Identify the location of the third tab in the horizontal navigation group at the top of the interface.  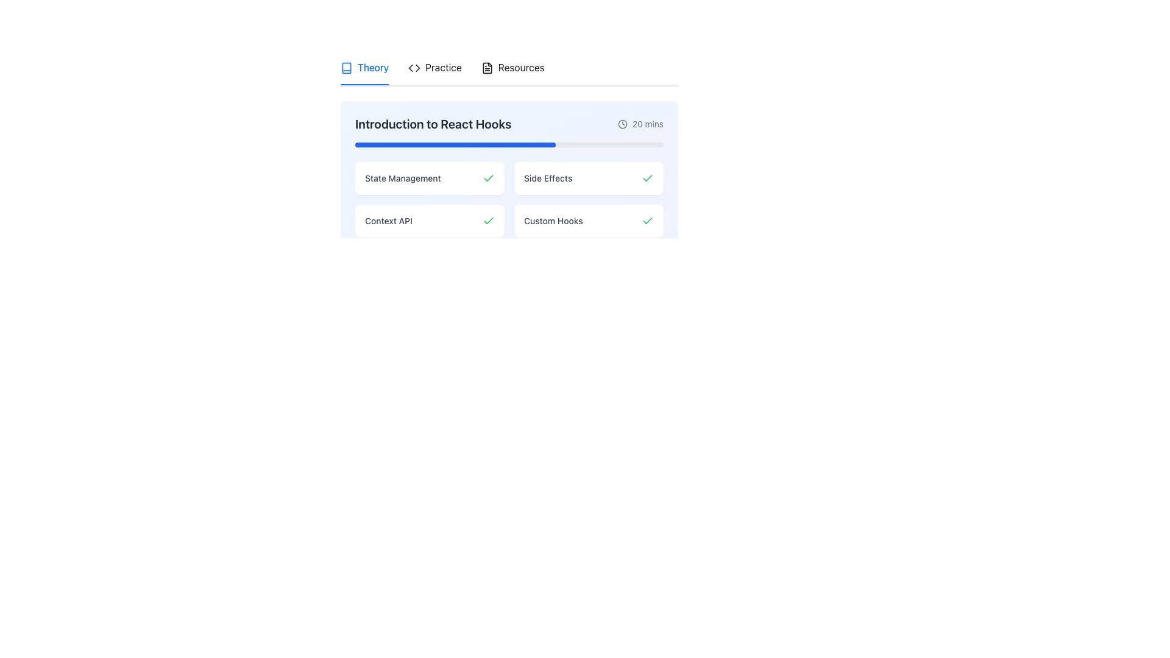
(512, 68).